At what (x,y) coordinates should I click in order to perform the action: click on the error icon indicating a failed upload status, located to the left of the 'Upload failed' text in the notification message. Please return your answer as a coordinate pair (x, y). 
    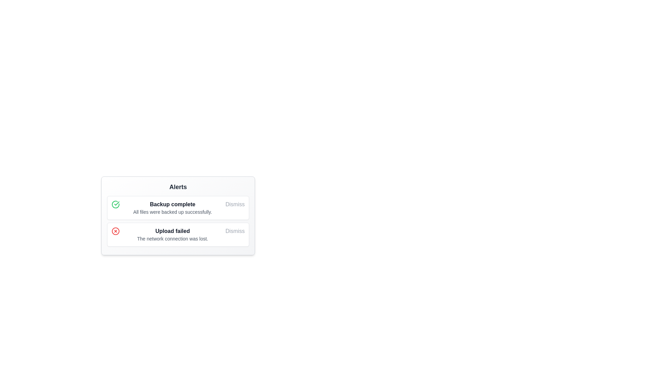
    Looking at the image, I should click on (117, 231).